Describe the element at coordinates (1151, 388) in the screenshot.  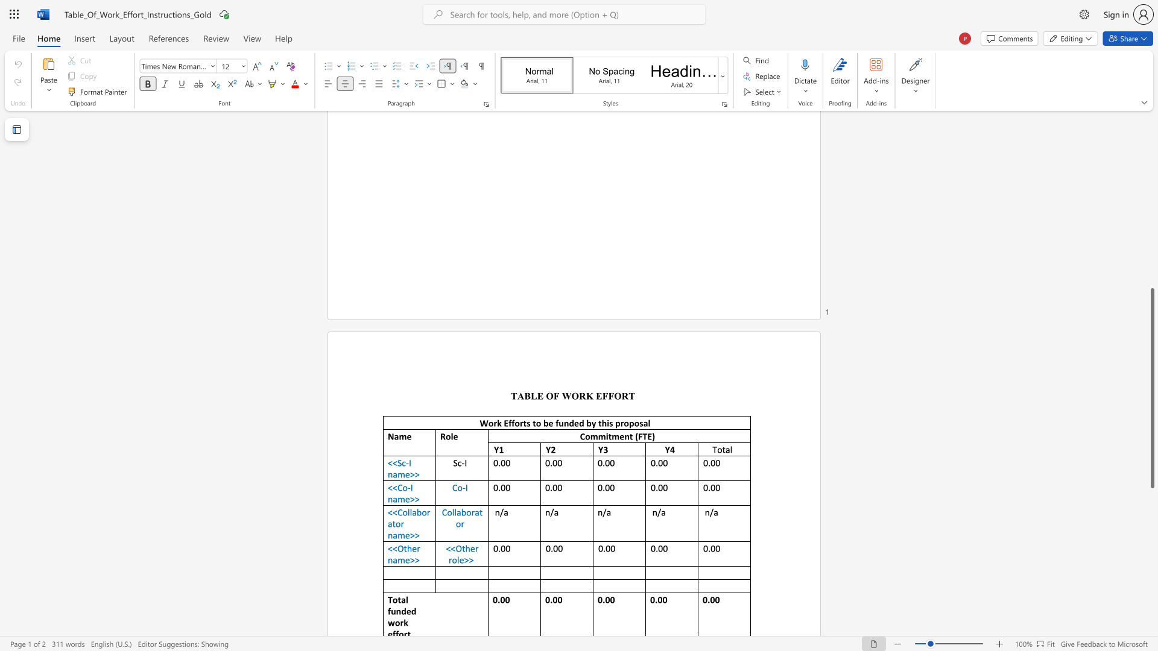
I see `the scrollbar and move down 400 pixels` at that location.